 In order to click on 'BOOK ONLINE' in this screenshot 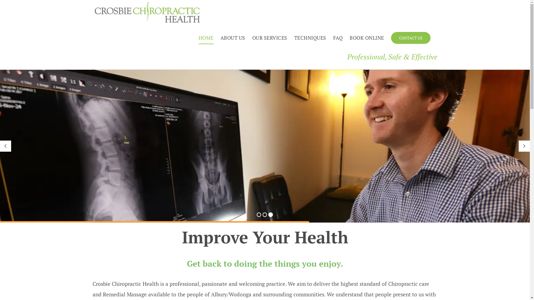, I will do `click(367, 37)`.